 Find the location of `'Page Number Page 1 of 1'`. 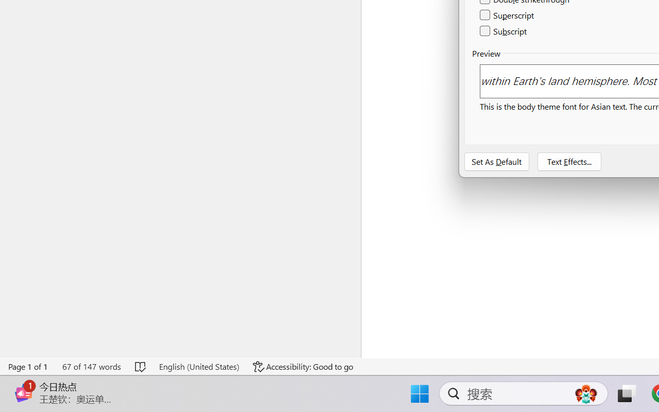

'Page Number Page 1 of 1' is located at coordinates (28, 366).